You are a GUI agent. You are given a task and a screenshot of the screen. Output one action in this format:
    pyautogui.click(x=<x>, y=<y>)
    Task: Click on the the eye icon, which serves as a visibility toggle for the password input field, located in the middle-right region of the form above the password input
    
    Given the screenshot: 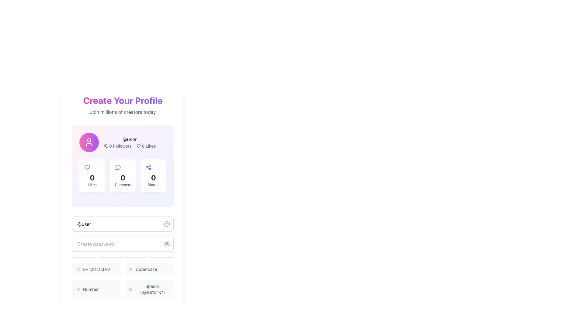 What is the action you would take?
    pyautogui.click(x=167, y=244)
    